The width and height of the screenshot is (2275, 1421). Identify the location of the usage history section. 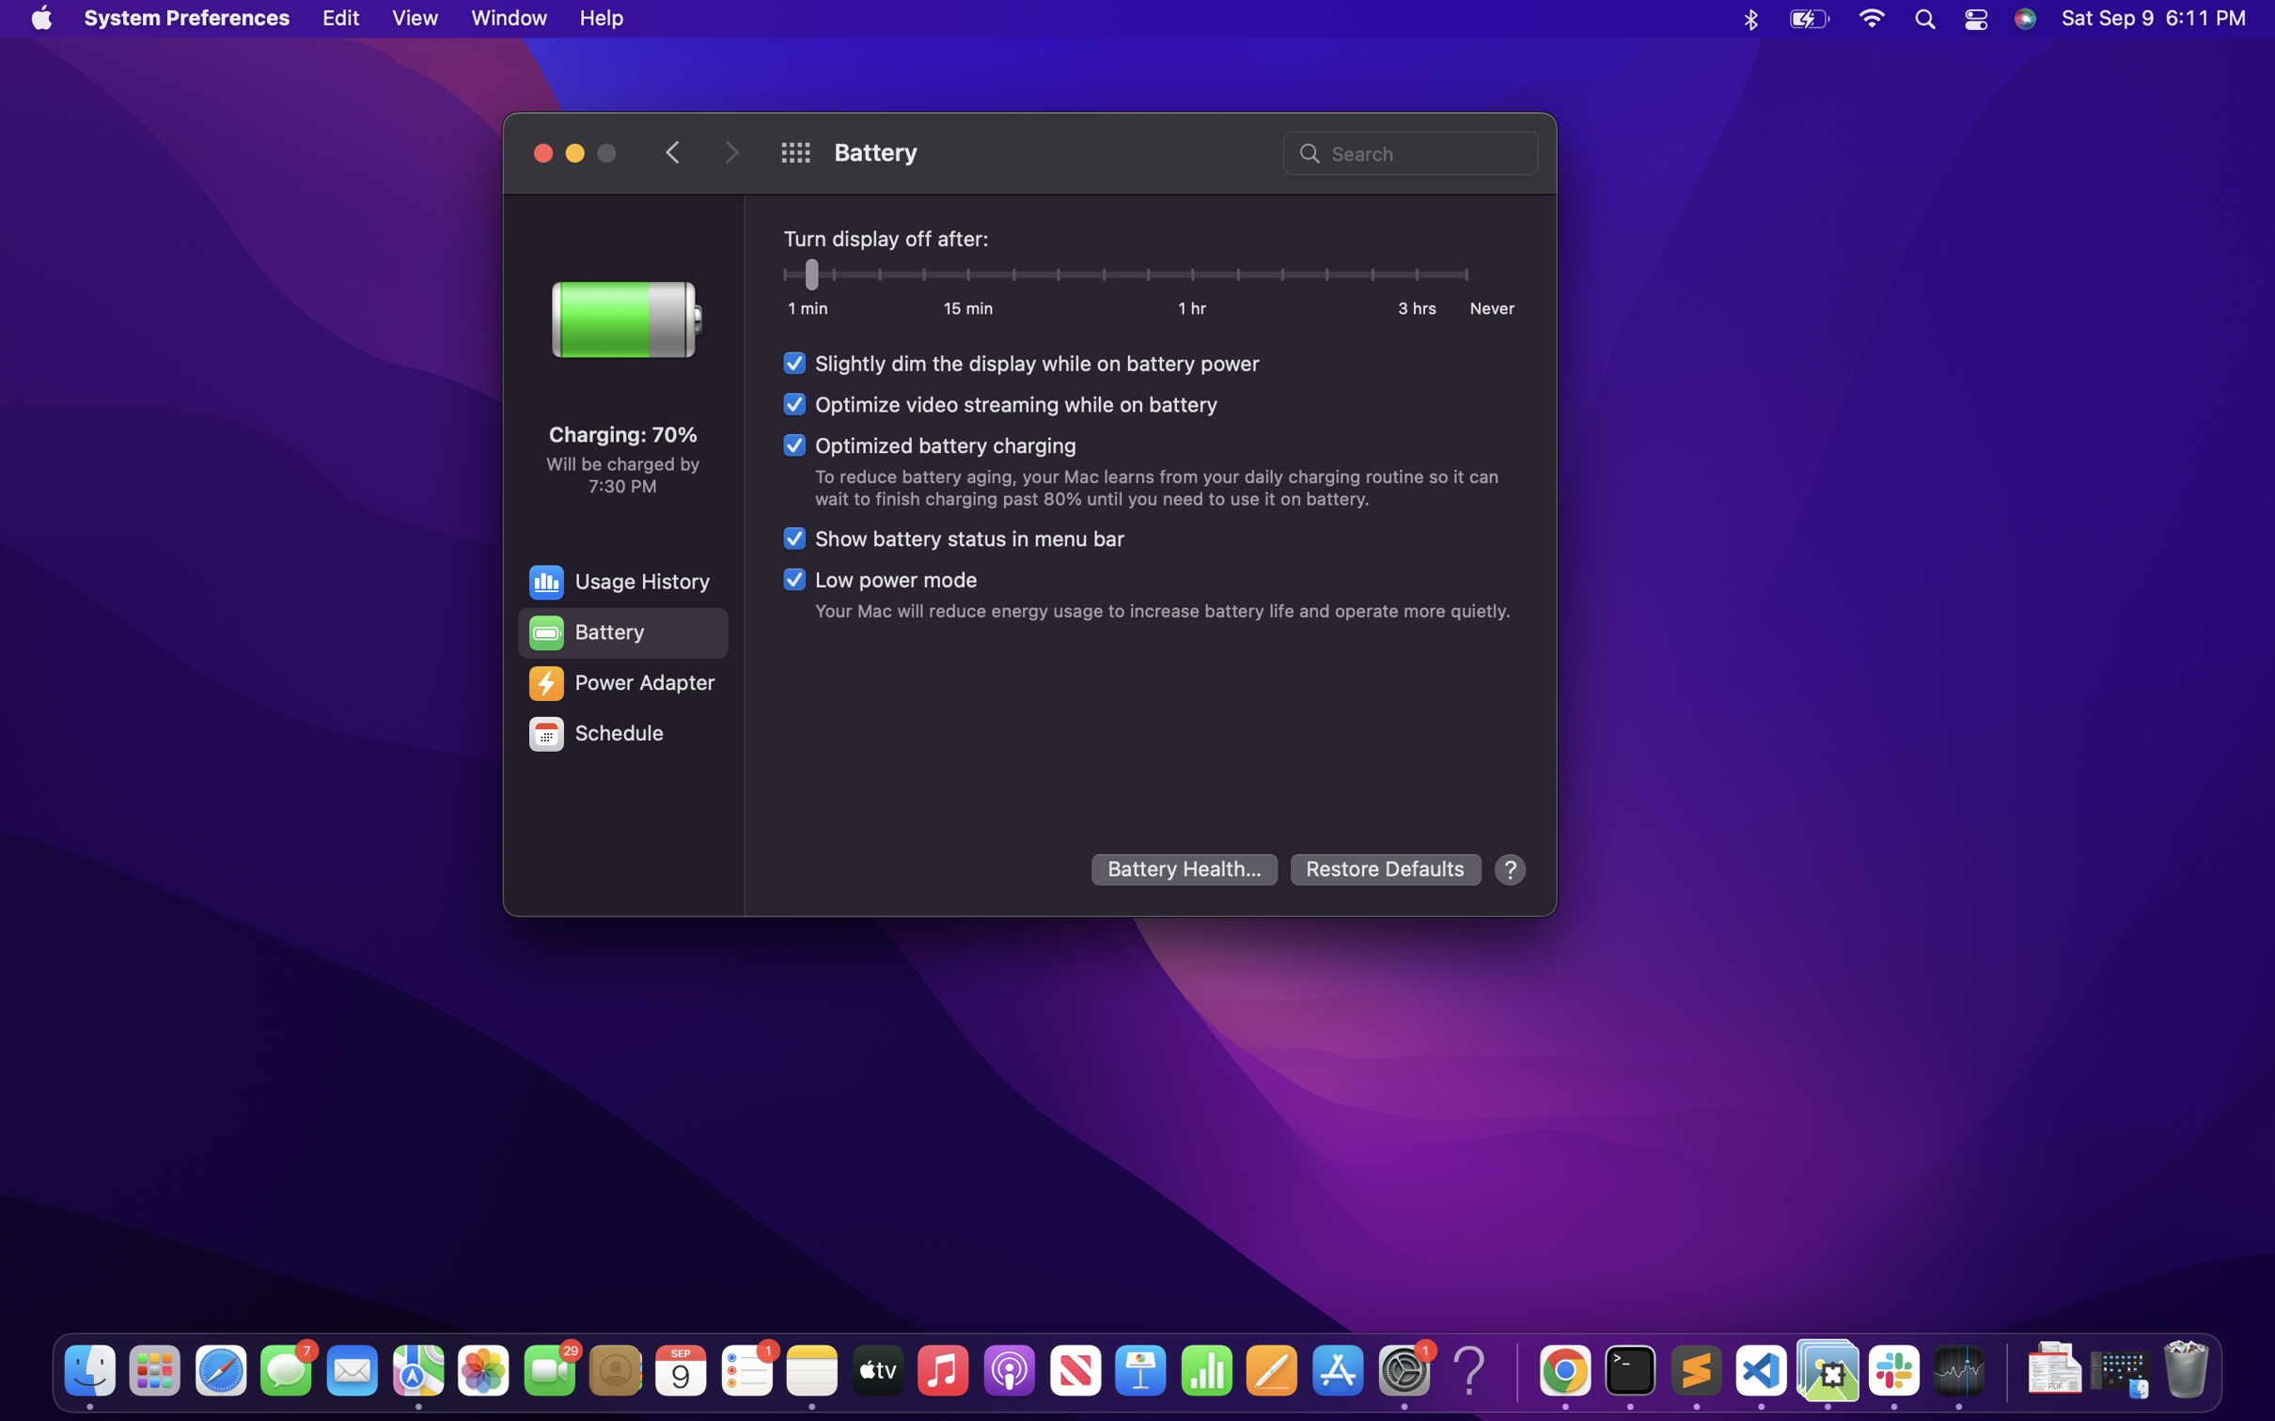
(620, 580).